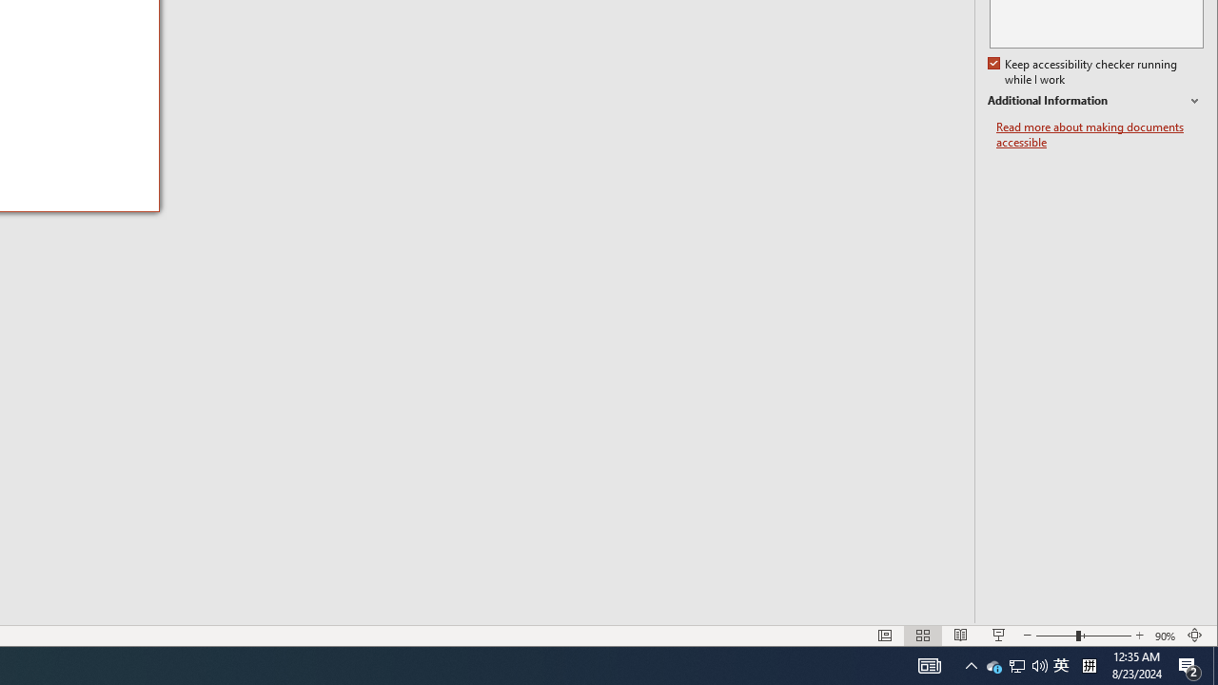 The height and width of the screenshot is (685, 1218). Describe the element at coordinates (1214, 664) in the screenshot. I see `'Show desktop'` at that location.